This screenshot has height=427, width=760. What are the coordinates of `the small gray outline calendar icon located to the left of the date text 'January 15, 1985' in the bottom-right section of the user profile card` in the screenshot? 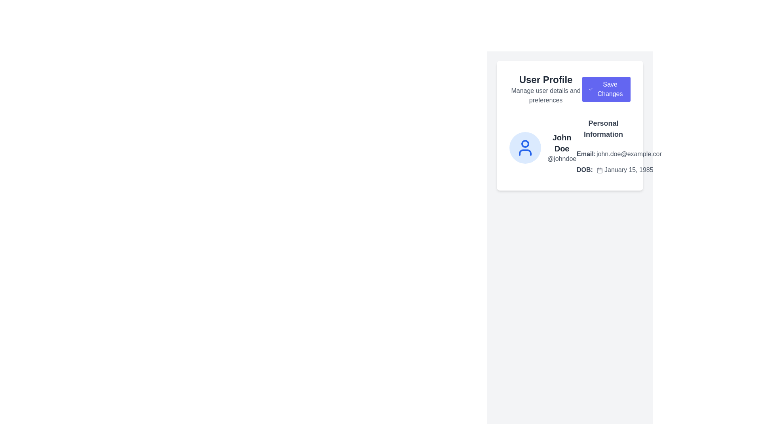 It's located at (600, 170).